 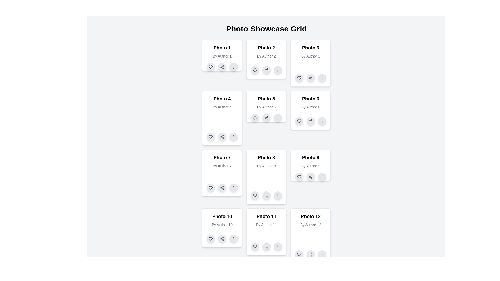 What do you see at coordinates (311, 48) in the screenshot?
I see `text label that serves as the title for the associated card located directly below the 'Photo Showcase Grid' heading in the third card from the left` at bounding box center [311, 48].